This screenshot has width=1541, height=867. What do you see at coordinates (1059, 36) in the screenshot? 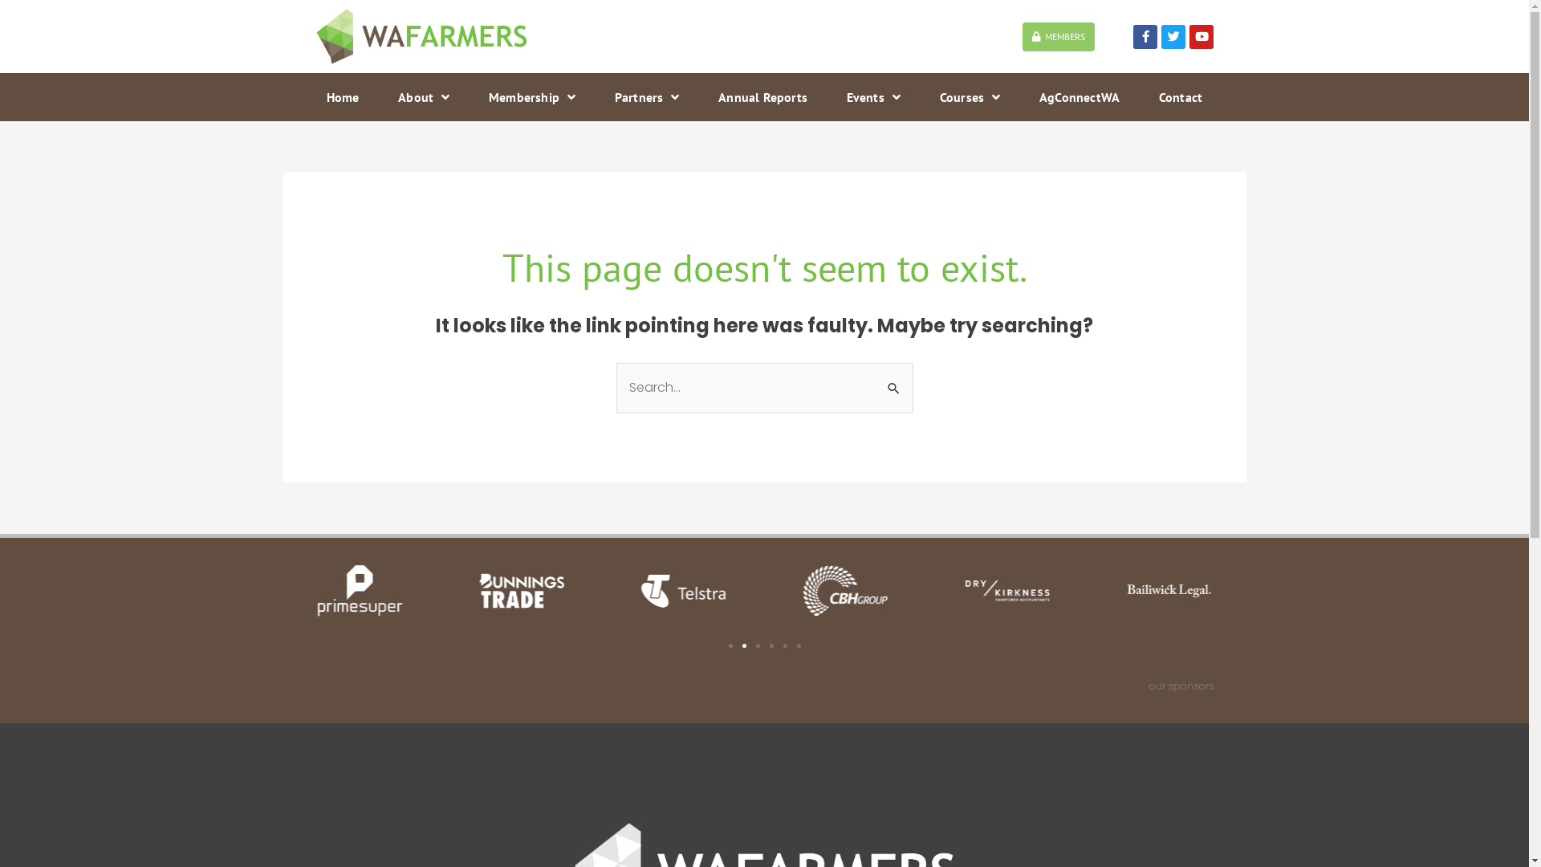
I see `'MEMBERS'` at bounding box center [1059, 36].